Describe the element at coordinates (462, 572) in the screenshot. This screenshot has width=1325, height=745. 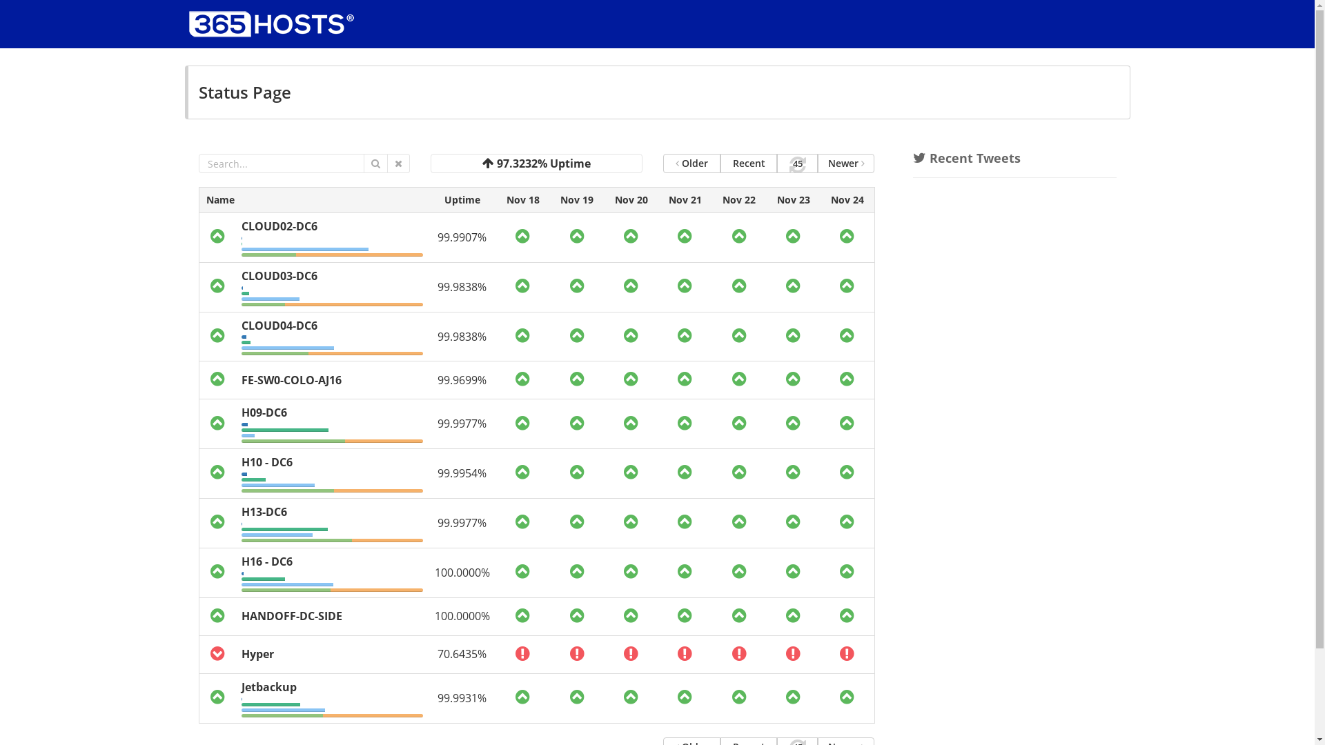
I see `'100.0000%'` at that location.